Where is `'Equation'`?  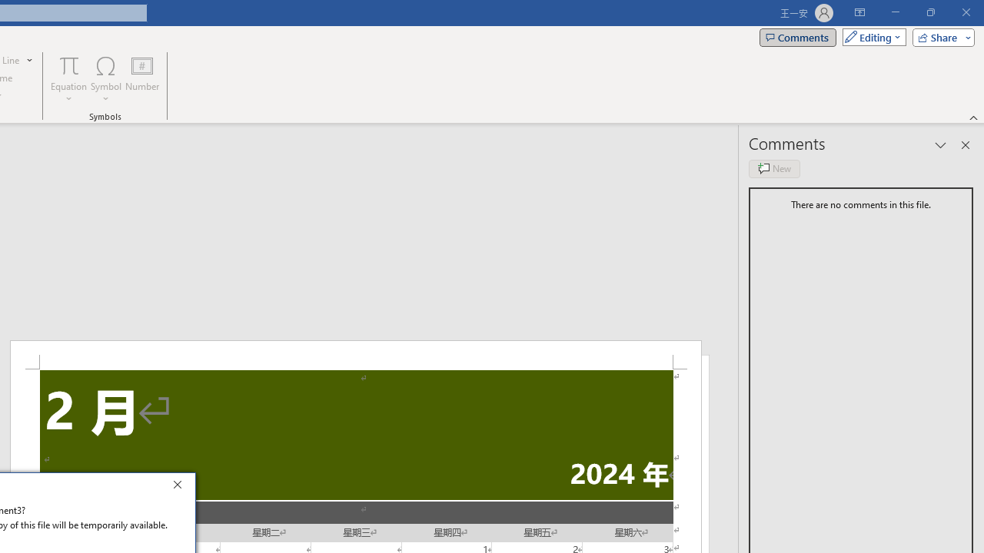 'Equation' is located at coordinates (68, 79).